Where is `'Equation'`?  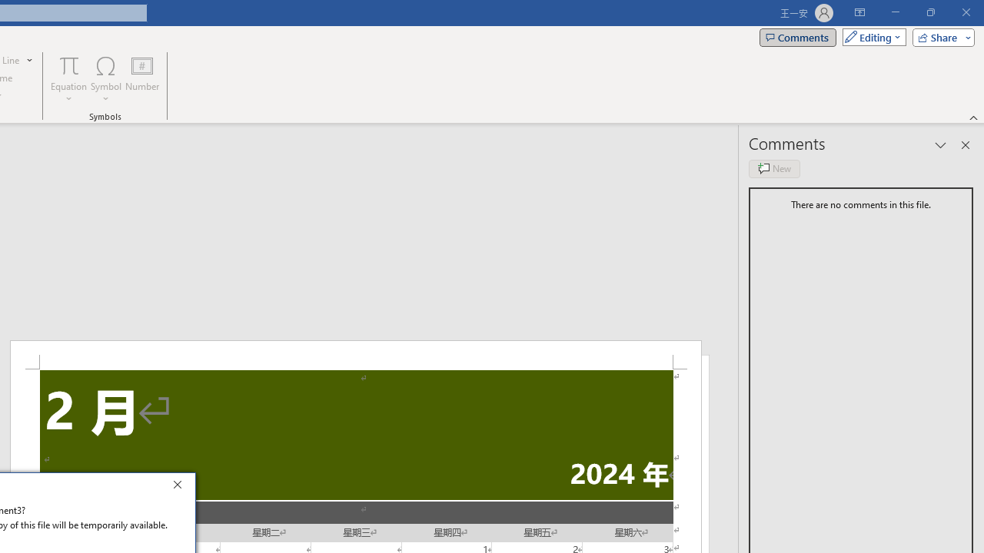 'Equation' is located at coordinates (68, 79).